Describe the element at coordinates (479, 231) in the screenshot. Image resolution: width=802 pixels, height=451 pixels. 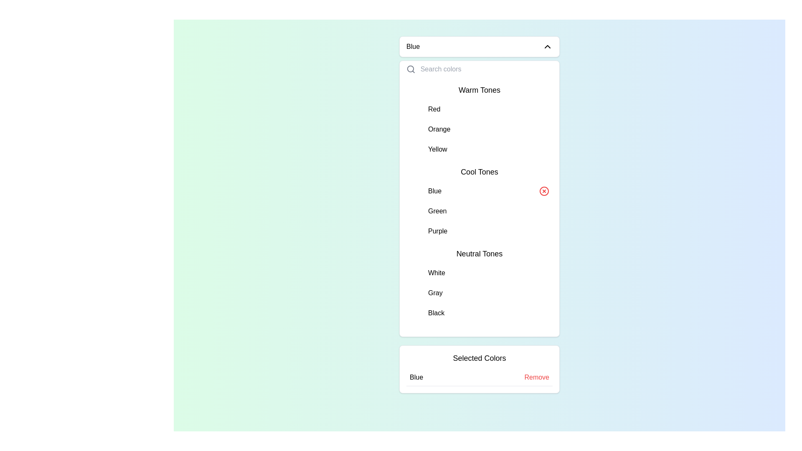
I see `the selectable list item for 'Purple' color in the dropdown menu` at that location.